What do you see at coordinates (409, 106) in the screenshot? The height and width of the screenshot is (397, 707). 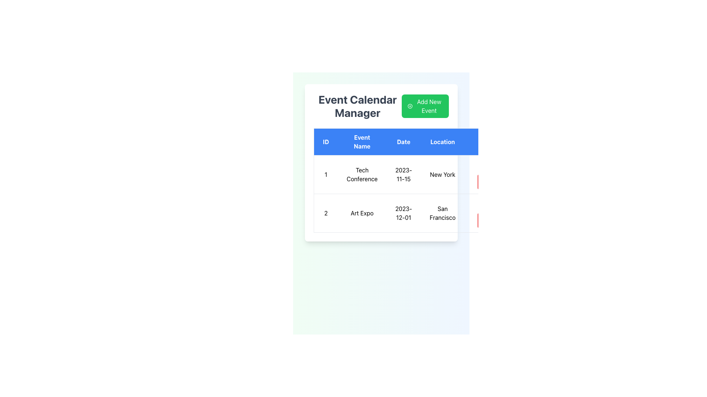 I see `the circular green icon with a plus sign located to the left of the text 'Add New Event' in the 'Event Calendar Manager' section` at bounding box center [409, 106].